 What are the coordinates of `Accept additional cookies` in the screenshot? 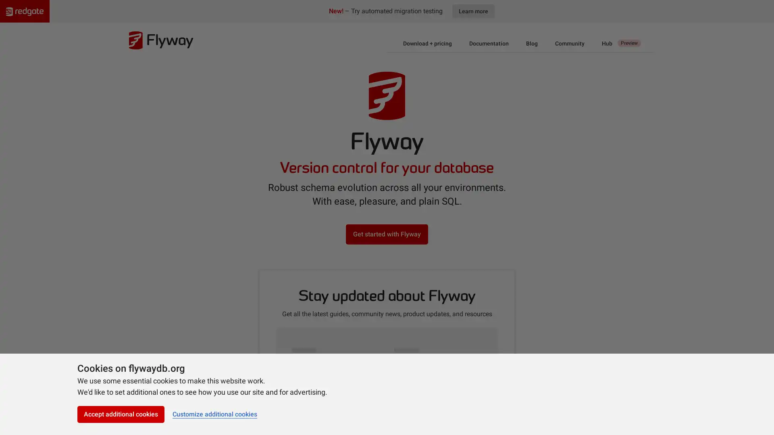 It's located at (120, 414).